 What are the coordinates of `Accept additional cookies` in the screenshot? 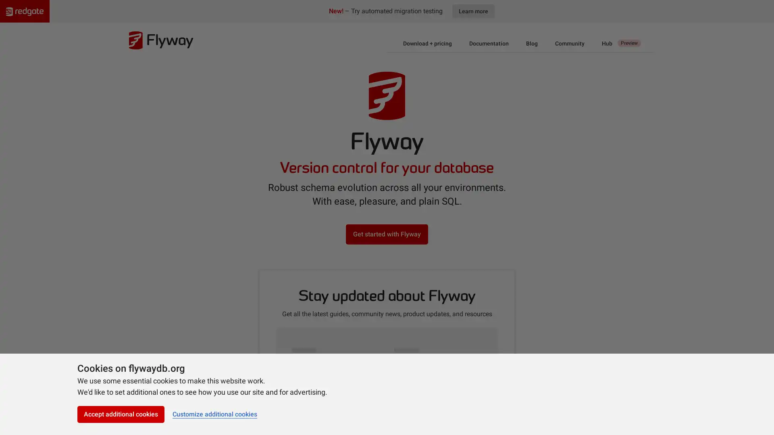 It's located at (120, 414).